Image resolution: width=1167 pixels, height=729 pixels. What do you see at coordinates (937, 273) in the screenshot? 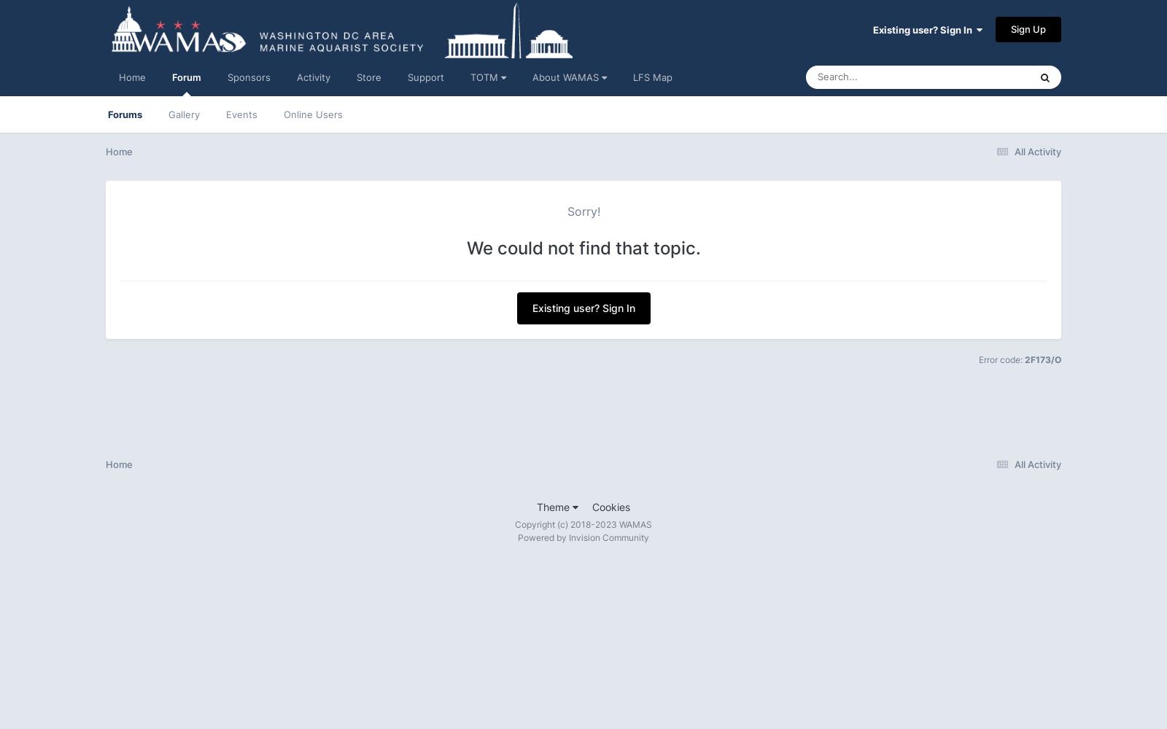
I see `'Products'` at bounding box center [937, 273].